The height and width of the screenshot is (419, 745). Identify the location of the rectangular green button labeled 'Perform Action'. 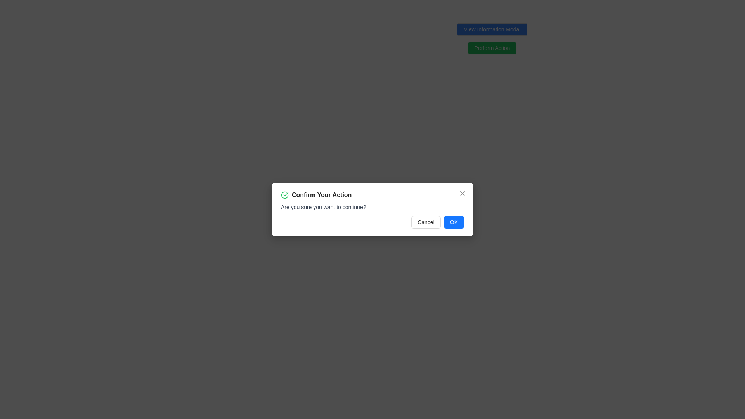
(491, 48).